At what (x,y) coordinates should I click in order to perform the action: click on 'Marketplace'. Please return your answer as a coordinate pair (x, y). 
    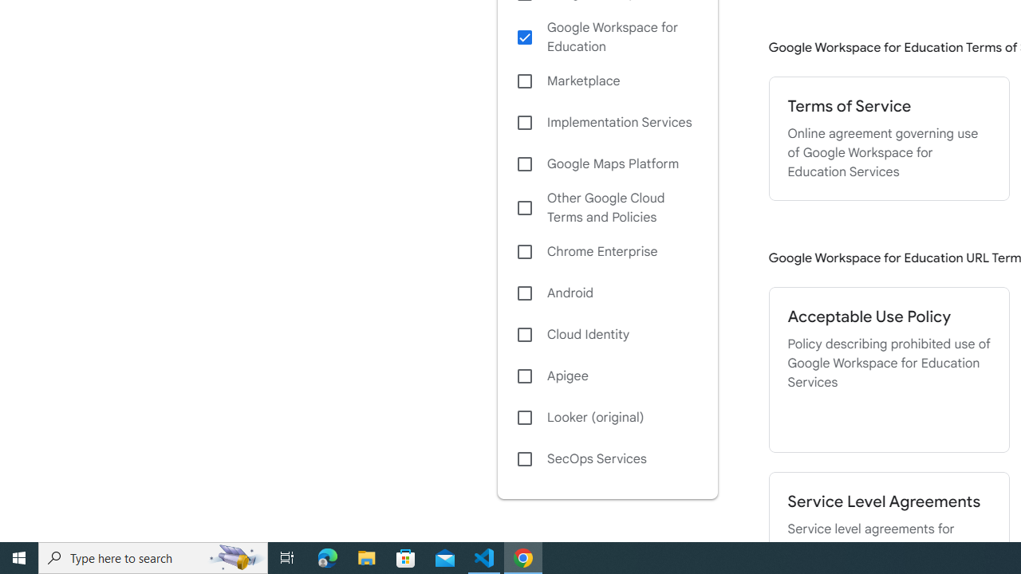
    Looking at the image, I should click on (606, 81).